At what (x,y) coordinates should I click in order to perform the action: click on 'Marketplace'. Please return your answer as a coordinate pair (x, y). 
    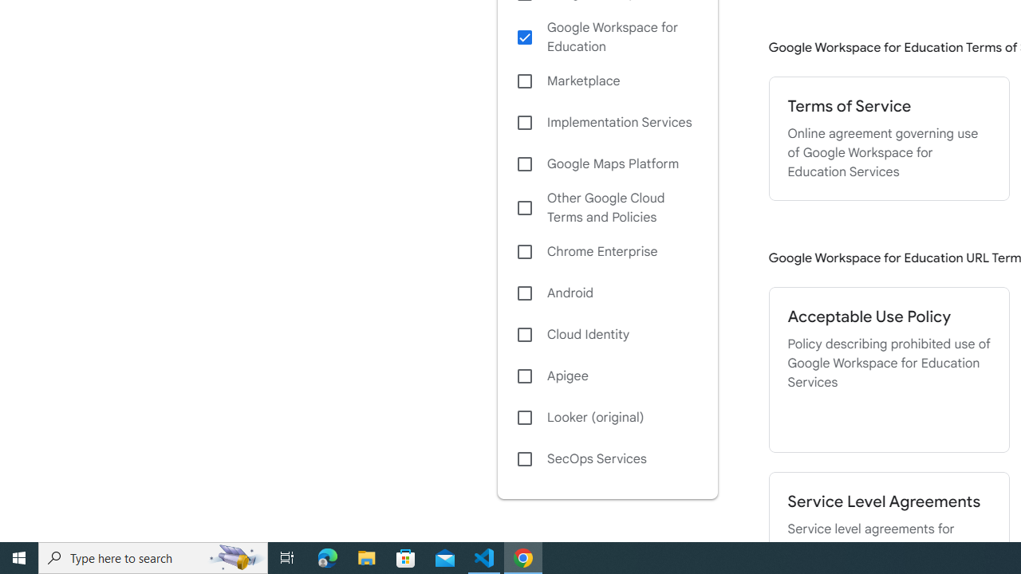
    Looking at the image, I should click on (606, 81).